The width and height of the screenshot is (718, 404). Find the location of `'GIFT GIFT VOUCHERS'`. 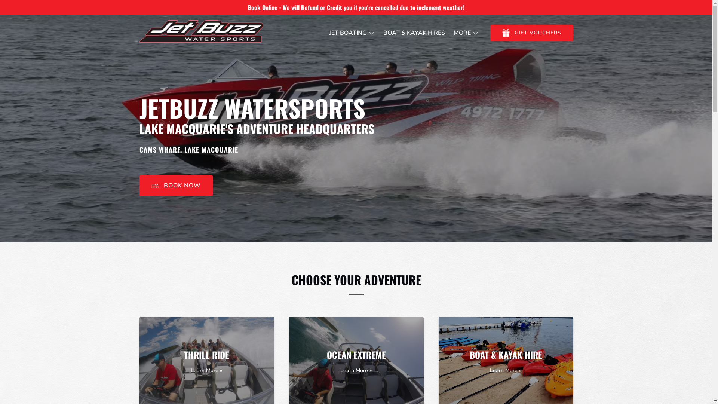

'GIFT GIFT VOUCHERS' is located at coordinates (531, 33).